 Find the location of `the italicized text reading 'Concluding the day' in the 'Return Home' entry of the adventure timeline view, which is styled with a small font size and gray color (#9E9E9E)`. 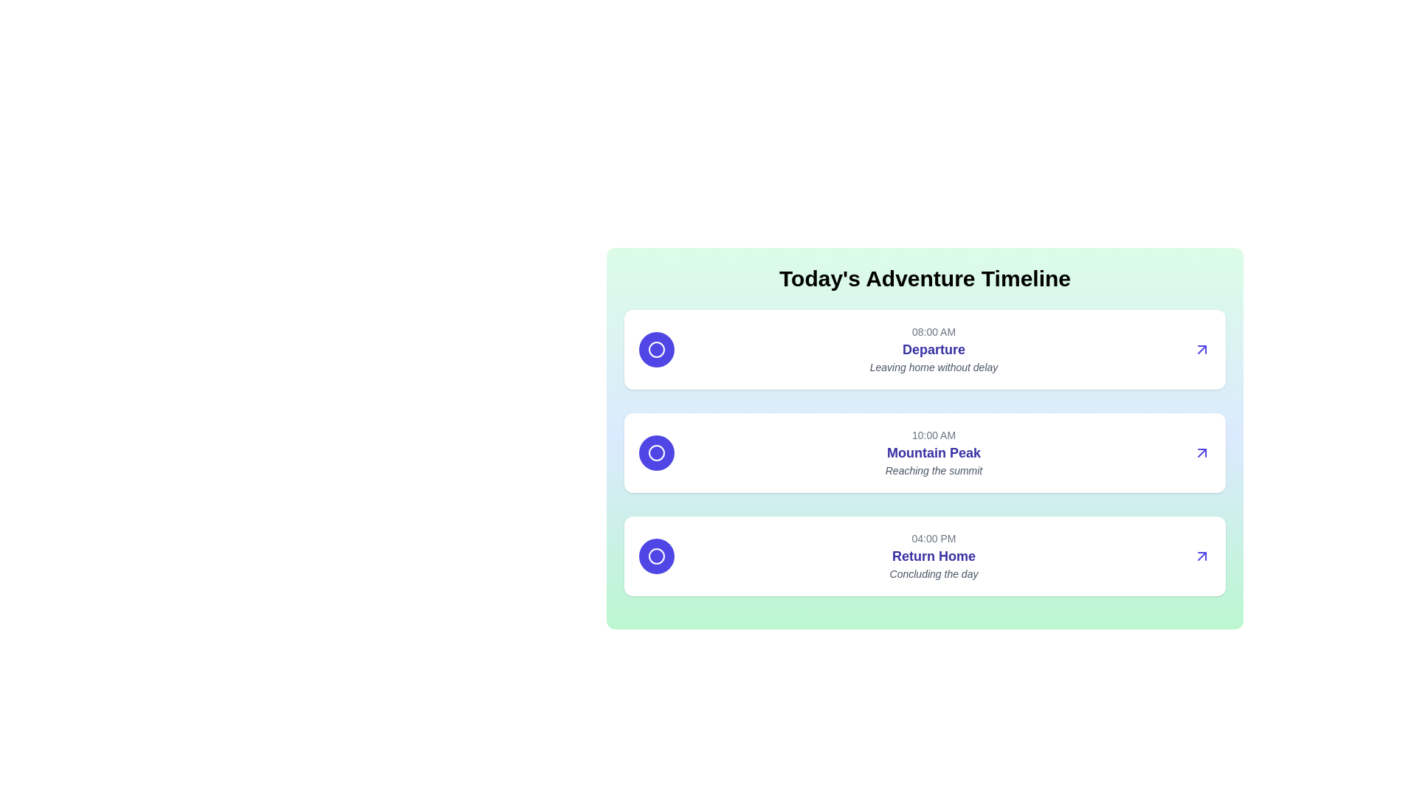

the italicized text reading 'Concluding the day' in the 'Return Home' entry of the adventure timeline view, which is styled with a small font size and gray color (#9E9E9E) is located at coordinates (933, 573).